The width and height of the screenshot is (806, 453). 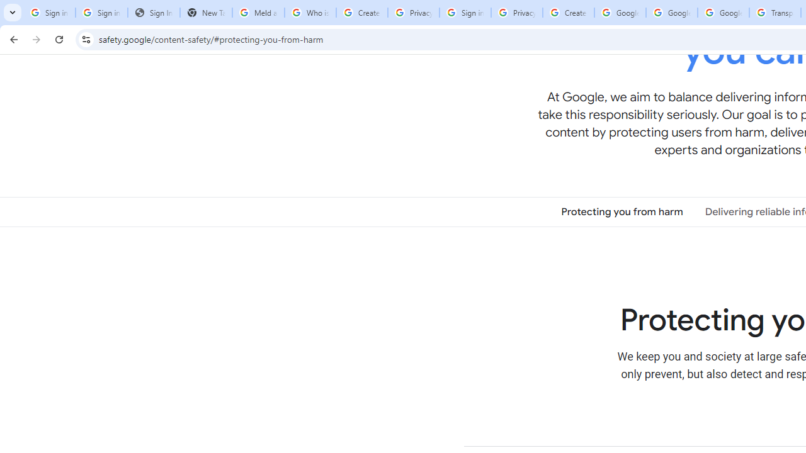 What do you see at coordinates (153, 13) in the screenshot?
I see `'Sign In - USA TODAY'` at bounding box center [153, 13].